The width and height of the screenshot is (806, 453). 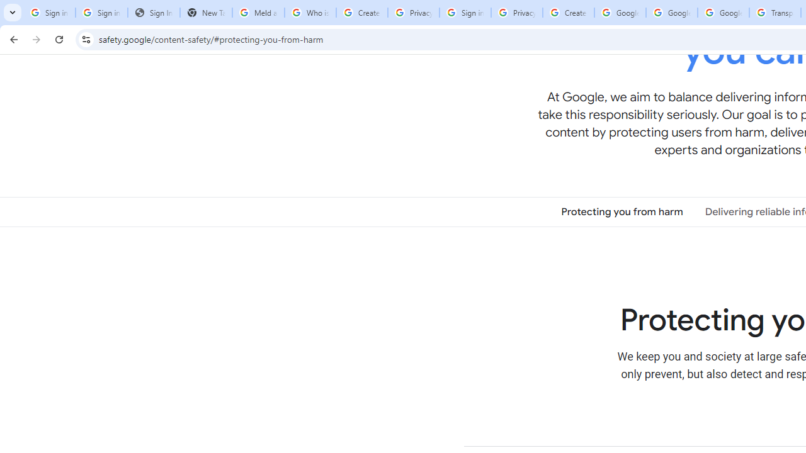 What do you see at coordinates (153, 13) in the screenshot?
I see `'Sign In - USA TODAY'` at bounding box center [153, 13].